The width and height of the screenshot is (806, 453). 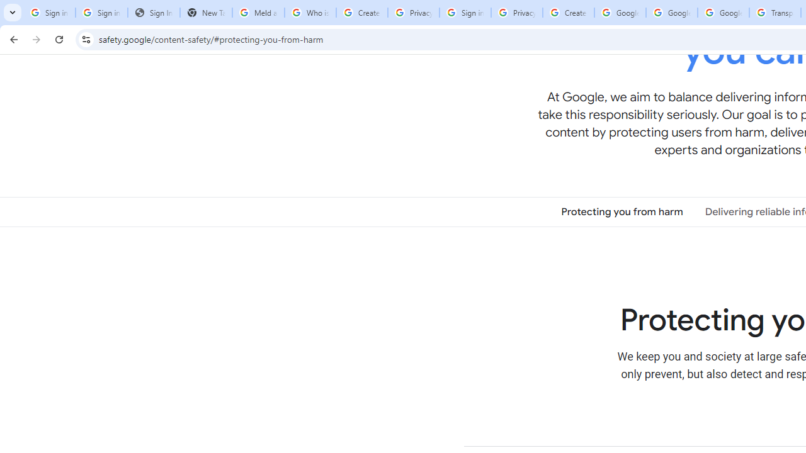 What do you see at coordinates (153, 13) in the screenshot?
I see `'Sign In - USA TODAY'` at bounding box center [153, 13].